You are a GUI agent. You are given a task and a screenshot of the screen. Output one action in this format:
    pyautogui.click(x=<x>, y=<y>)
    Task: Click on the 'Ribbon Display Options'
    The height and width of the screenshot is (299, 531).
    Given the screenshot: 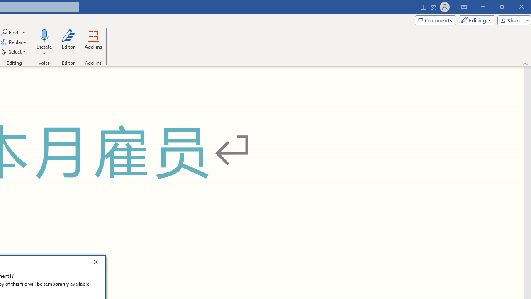 What is the action you would take?
    pyautogui.click(x=463, y=7)
    